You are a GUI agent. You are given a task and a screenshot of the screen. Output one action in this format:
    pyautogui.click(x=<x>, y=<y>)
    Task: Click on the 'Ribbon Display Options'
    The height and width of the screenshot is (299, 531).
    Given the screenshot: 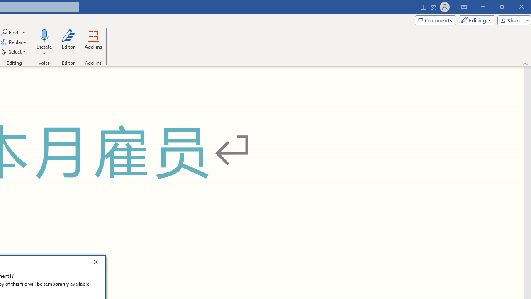 What is the action you would take?
    pyautogui.click(x=463, y=7)
    